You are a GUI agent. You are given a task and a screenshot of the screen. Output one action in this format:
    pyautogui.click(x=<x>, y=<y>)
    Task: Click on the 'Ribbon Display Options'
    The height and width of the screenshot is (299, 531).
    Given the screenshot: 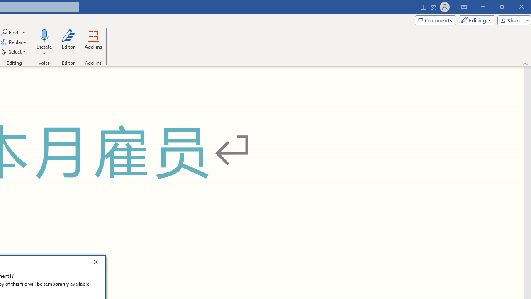 What is the action you would take?
    pyautogui.click(x=463, y=7)
    